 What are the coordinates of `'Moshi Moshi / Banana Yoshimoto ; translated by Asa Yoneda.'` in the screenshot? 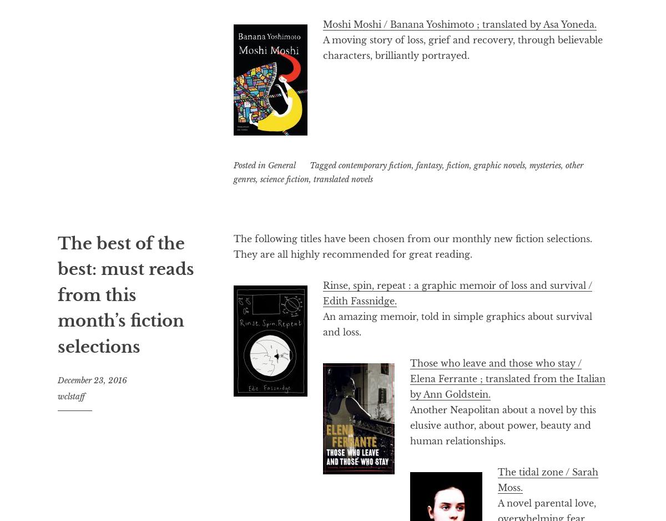 It's located at (459, 23).